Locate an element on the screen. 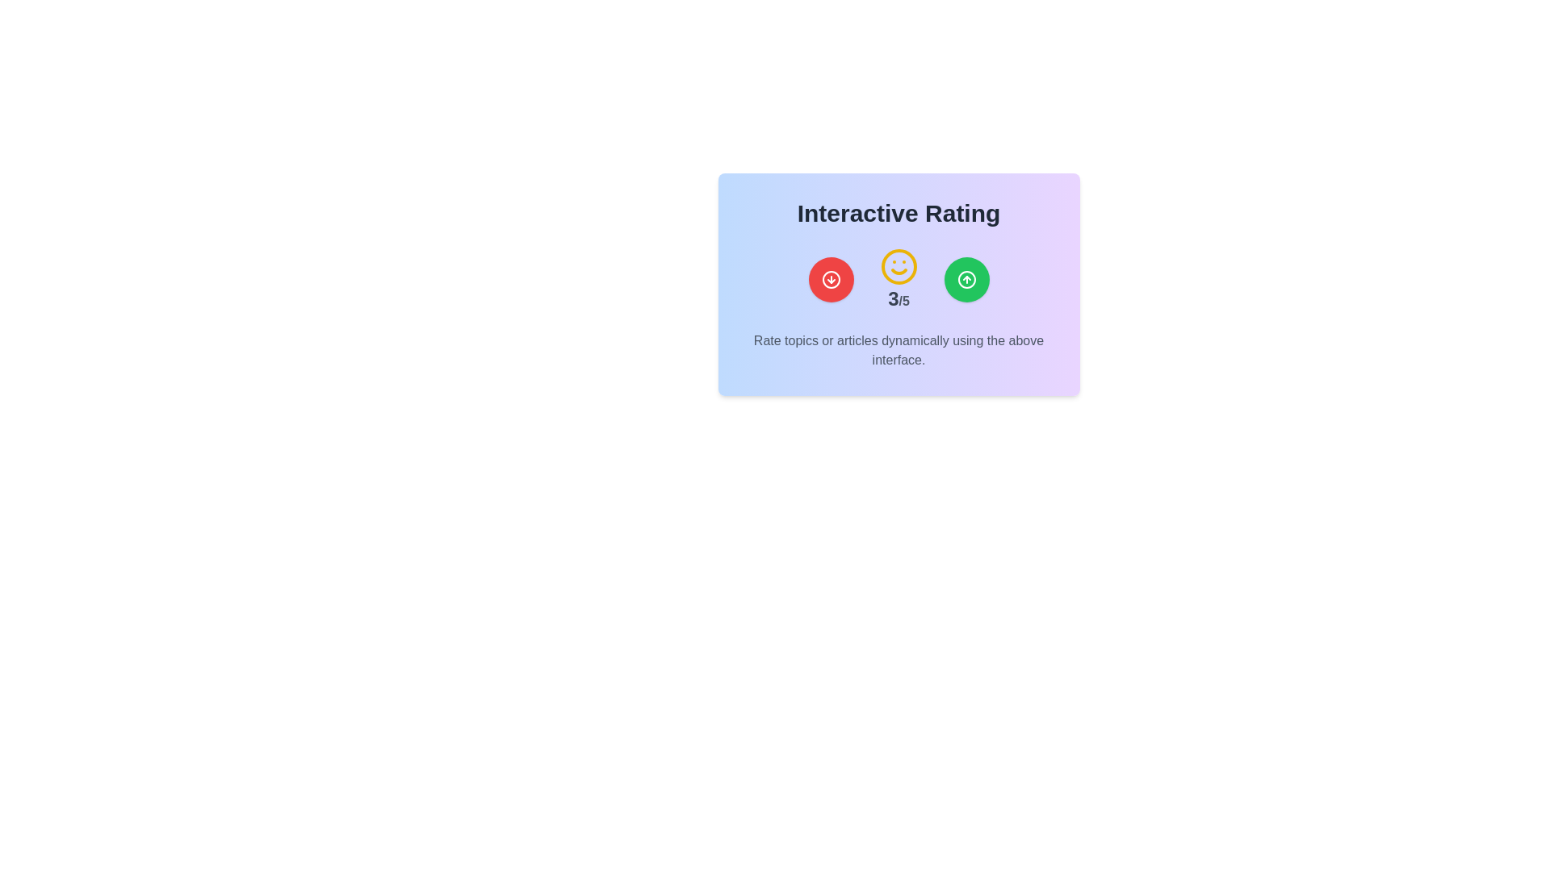 The height and width of the screenshot is (871, 1550). the circular green button with a white upward arrow is located at coordinates (966, 279).